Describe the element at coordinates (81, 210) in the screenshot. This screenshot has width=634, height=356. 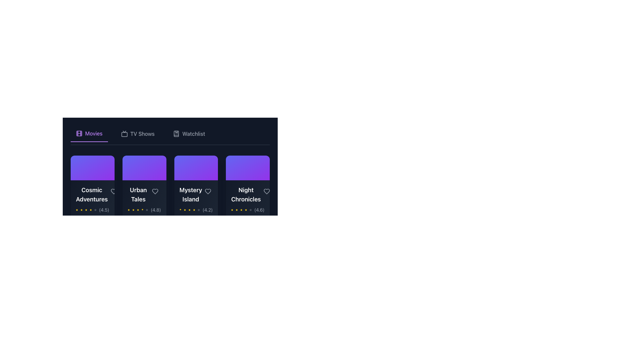
I see `the second rating star icon, which is a yellow filled star in the Movies section below the title 'Cosmic Adventures'` at that location.